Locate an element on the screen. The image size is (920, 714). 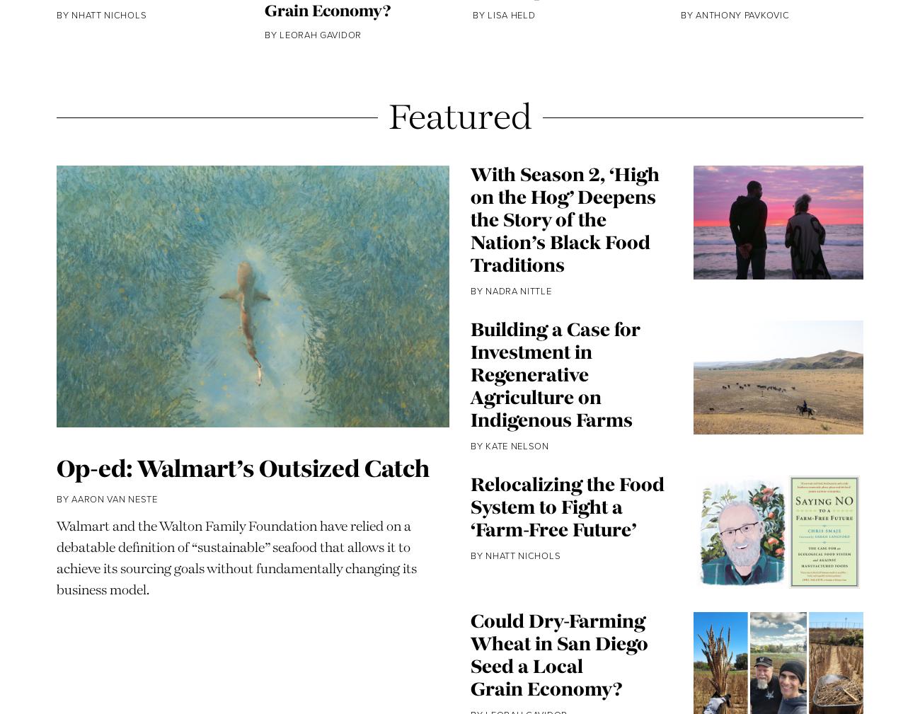
'Featured' is located at coordinates (386, 161).